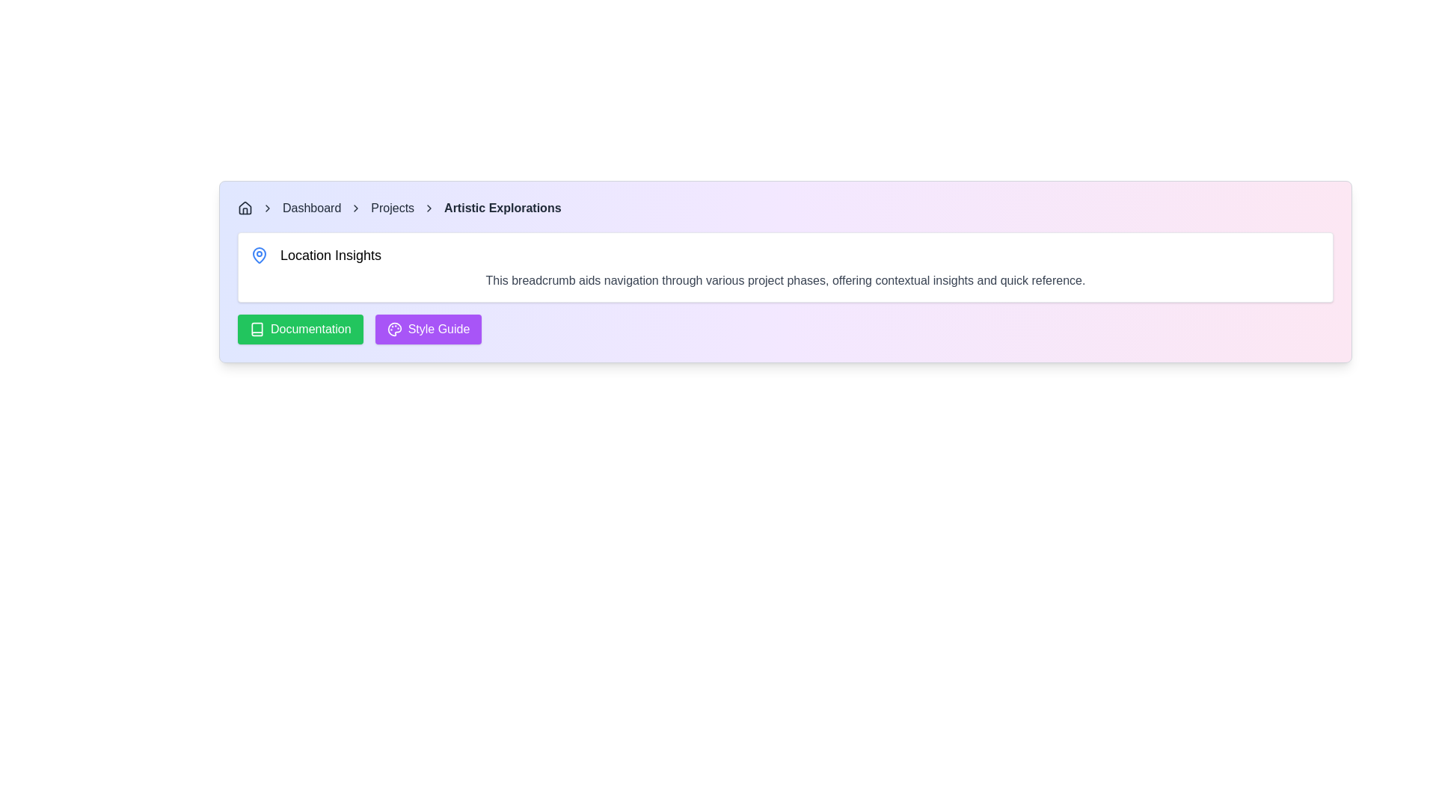  What do you see at coordinates (259, 253) in the screenshot?
I see `the map pin icon located centrally within the breadcrumb navigation bar, positioned between the breadcrumb navigation text and the title 'Location Insights'` at bounding box center [259, 253].